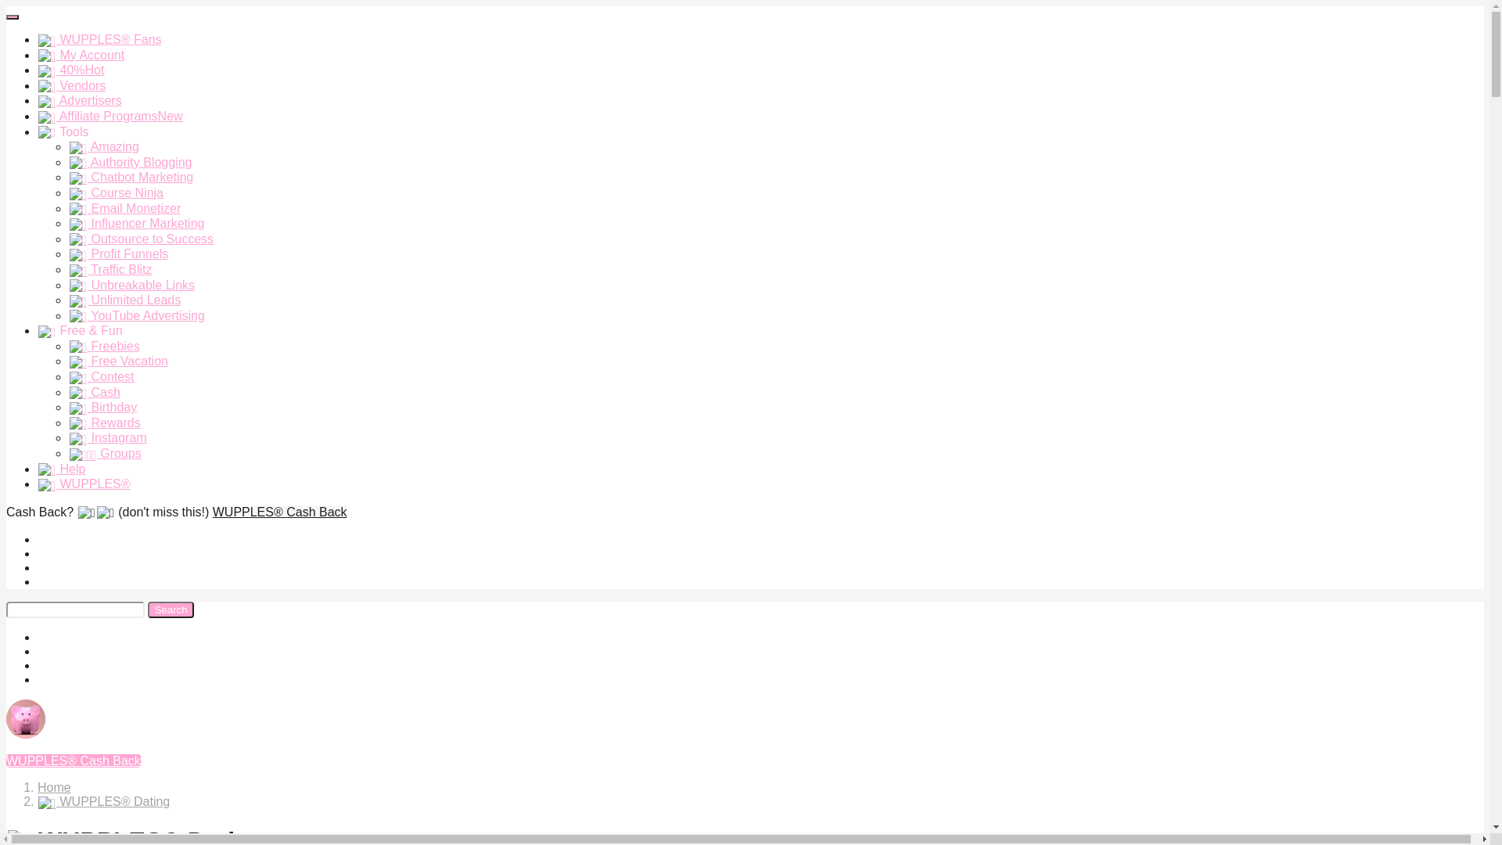  Describe the element at coordinates (38, 85) in the screenshot. I see `'Vendors'` at that location.